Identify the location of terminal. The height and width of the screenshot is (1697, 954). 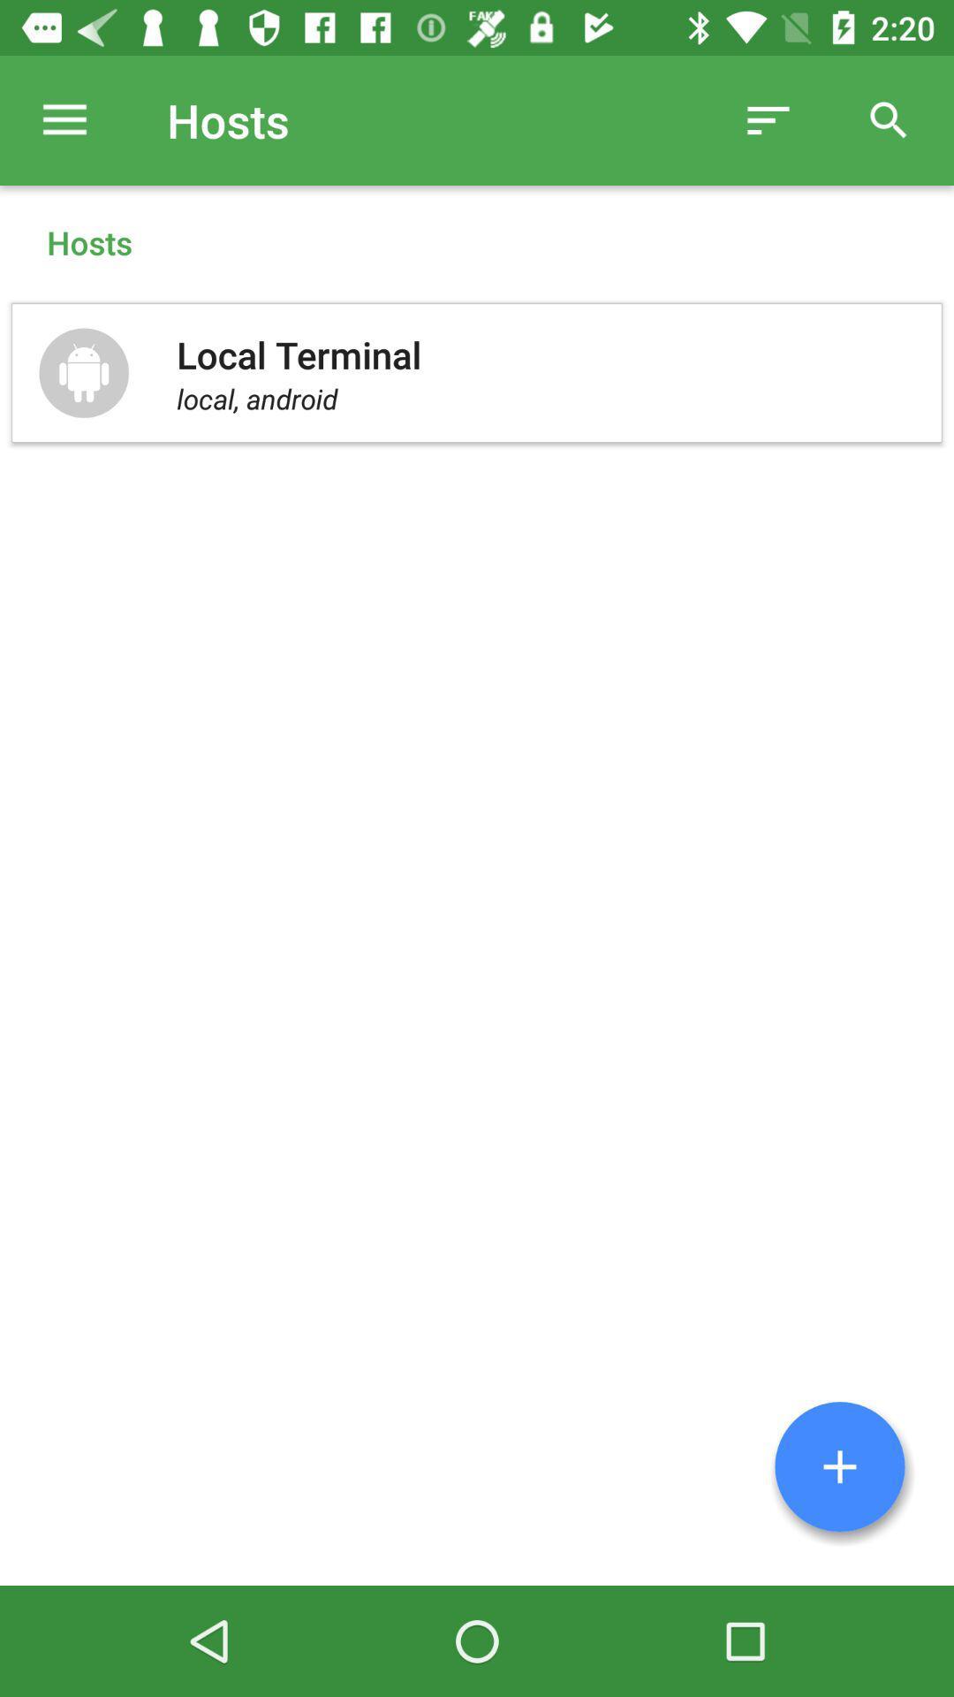
(839, 1466).